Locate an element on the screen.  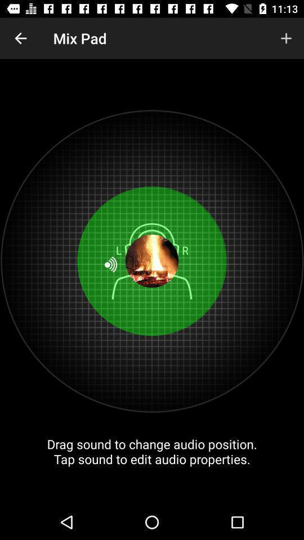
item at the top right corner is located at coordinates (286, 38).